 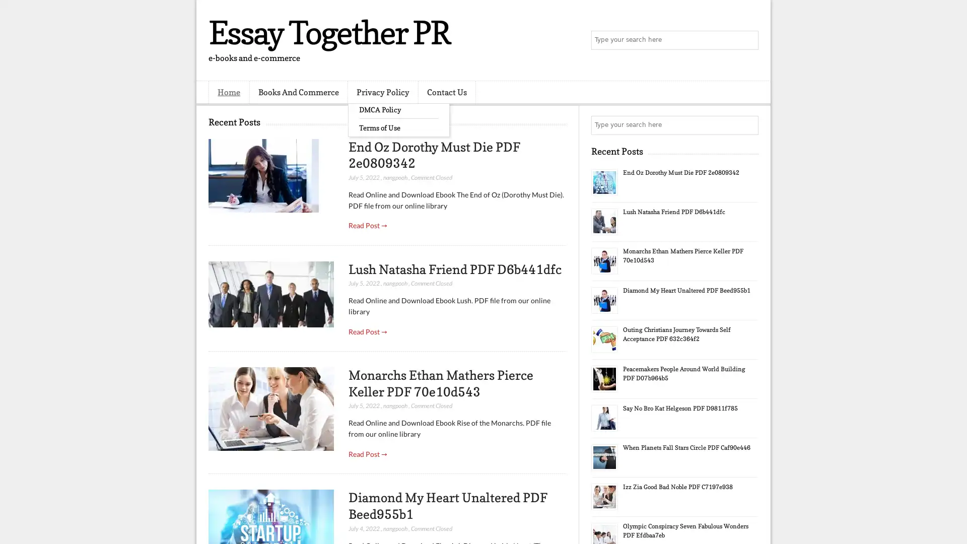 What do you see at coordinates (748, 40) in the screenshot?
I see `Search` at bounding box center [748, 40].